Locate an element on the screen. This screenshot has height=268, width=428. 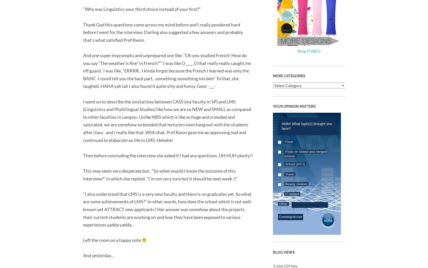
'More Categories' is located at coordinates (289, 75).